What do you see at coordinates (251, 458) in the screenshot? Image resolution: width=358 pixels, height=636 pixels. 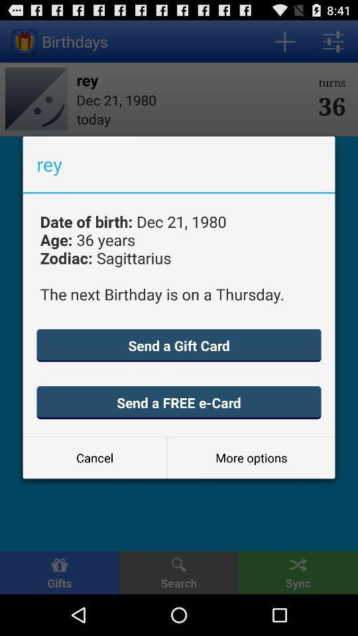 I see `the icon below send a free button` at bounding box center [251, 458].